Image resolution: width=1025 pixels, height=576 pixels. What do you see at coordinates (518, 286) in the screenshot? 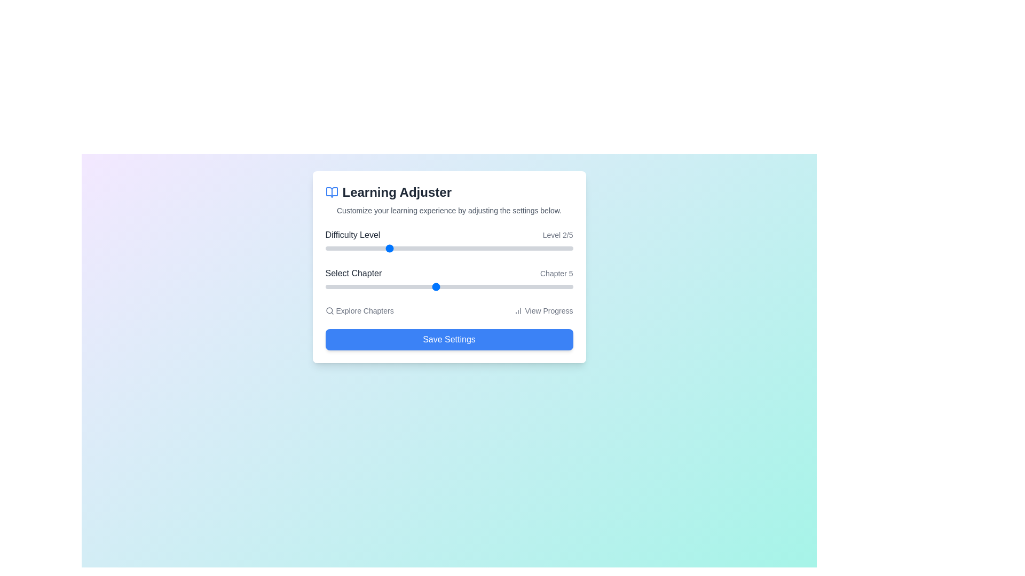
I see `the chapter` at bounding box center [518, 286].